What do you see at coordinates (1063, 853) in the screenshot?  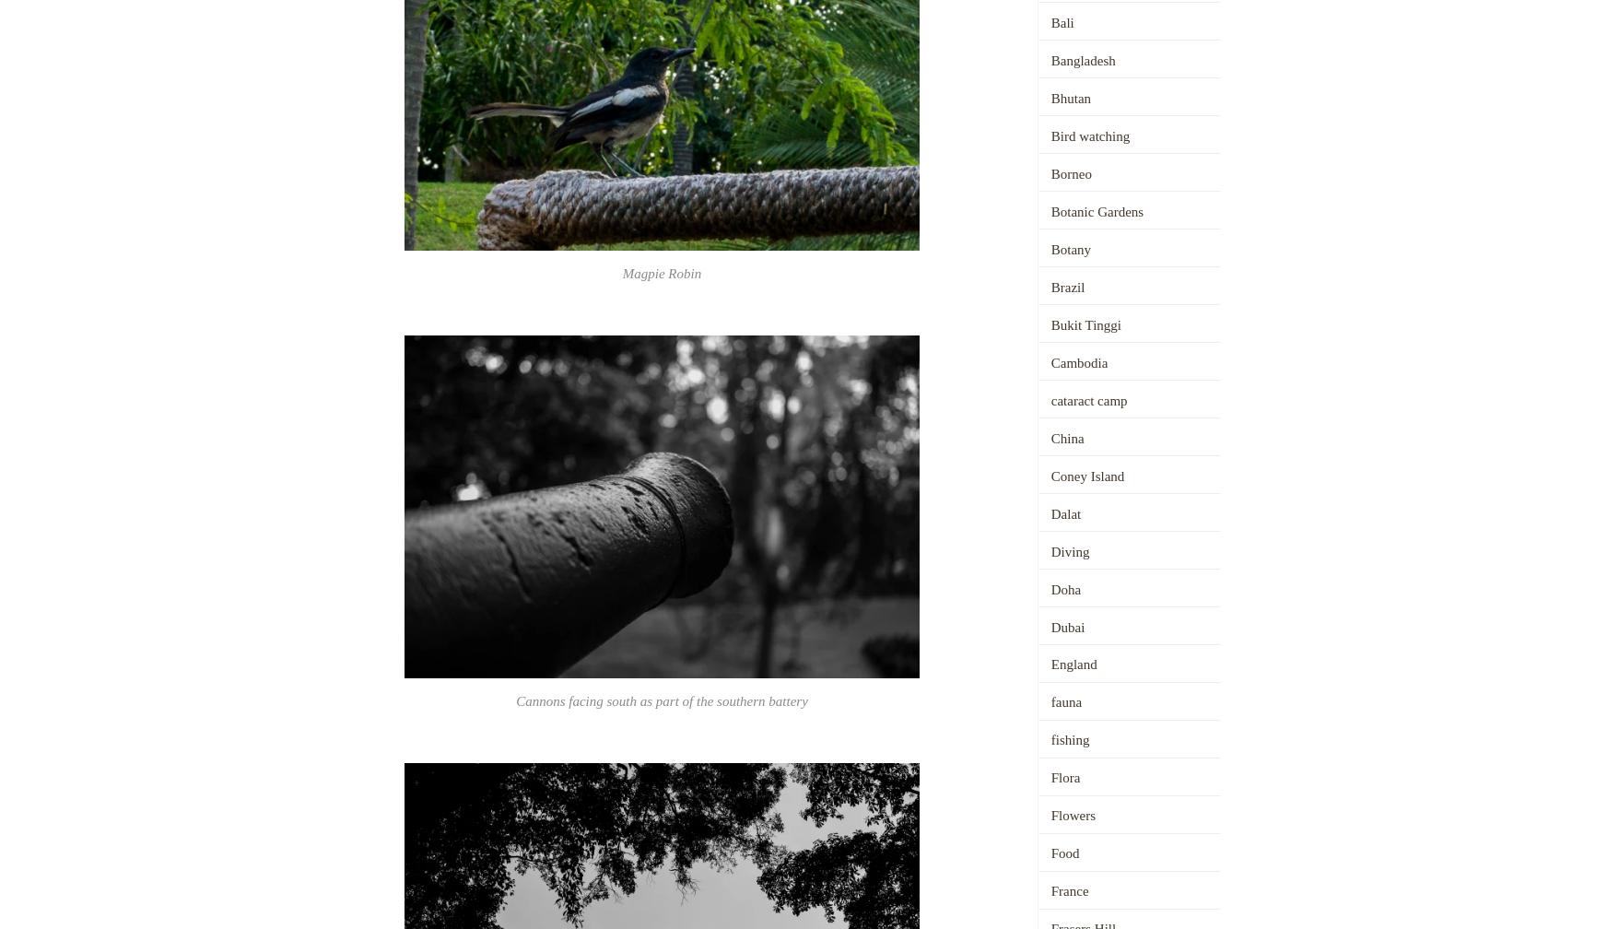 I see `'Food'` at bounding box center [1063, 853].